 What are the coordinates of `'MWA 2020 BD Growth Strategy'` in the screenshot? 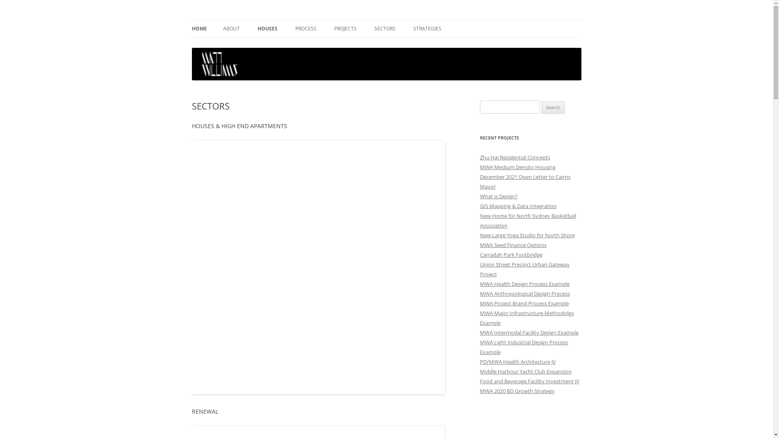 It's located at (479, 391).